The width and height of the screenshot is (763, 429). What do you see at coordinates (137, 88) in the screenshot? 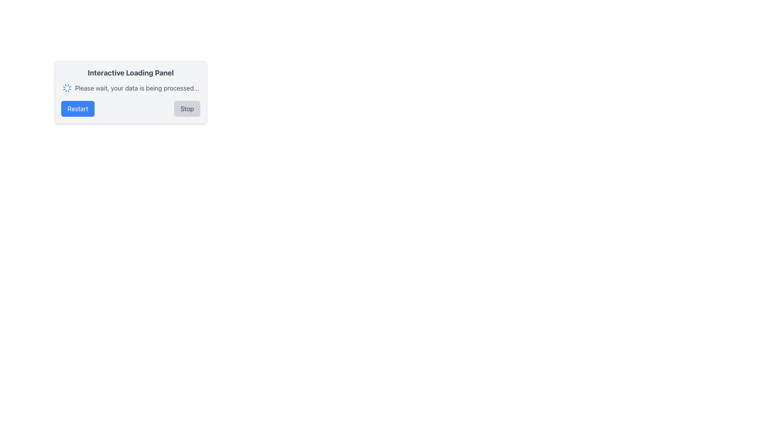
I see `text 'Please wait, your data is being processed...' displayed in gray font color, located to the right of the blue spinning loader icon within the 'Interactive Loading Panel'` at bounding box center [137, 88].